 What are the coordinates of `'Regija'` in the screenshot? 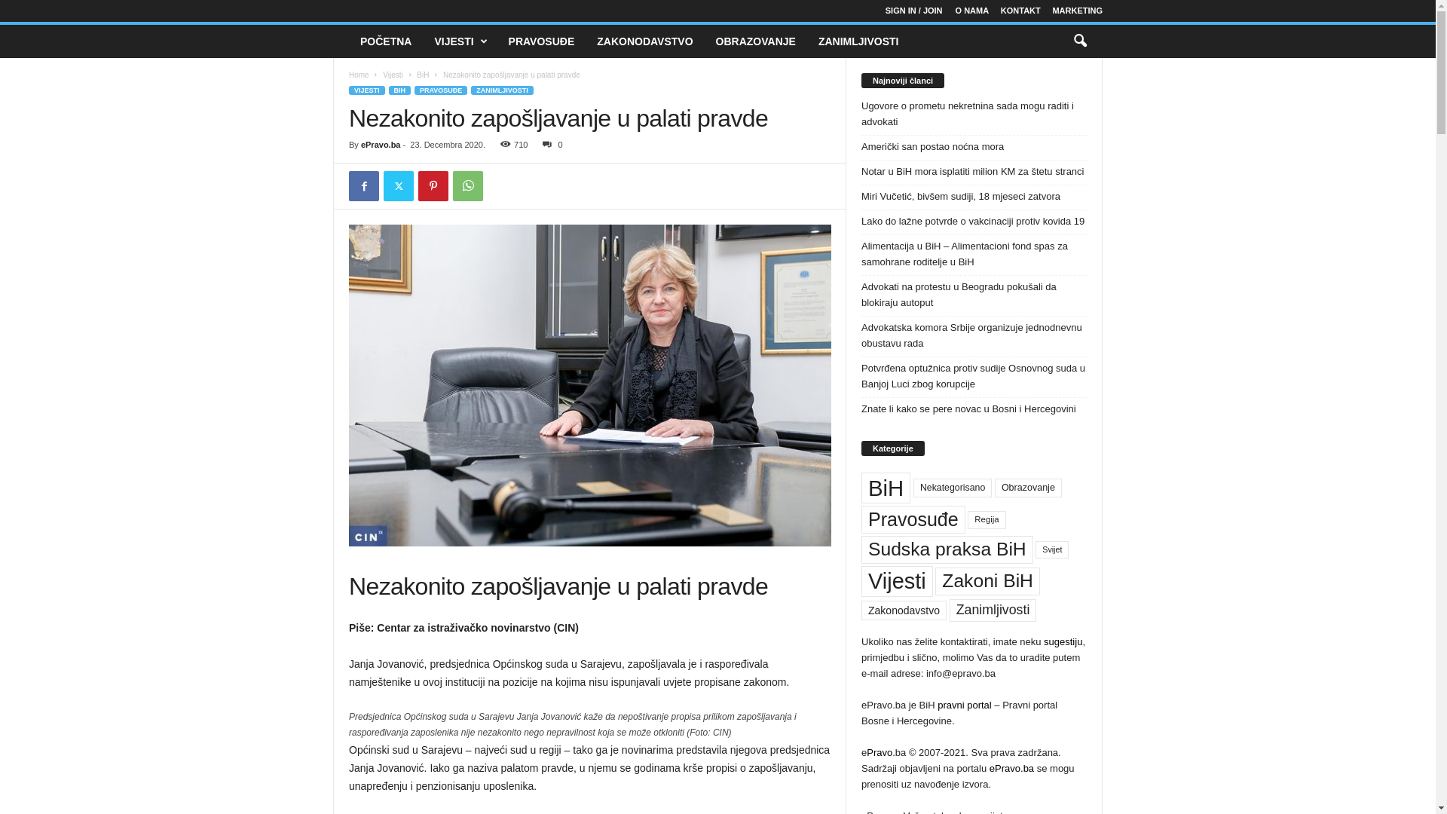 It's located at (967, 519).